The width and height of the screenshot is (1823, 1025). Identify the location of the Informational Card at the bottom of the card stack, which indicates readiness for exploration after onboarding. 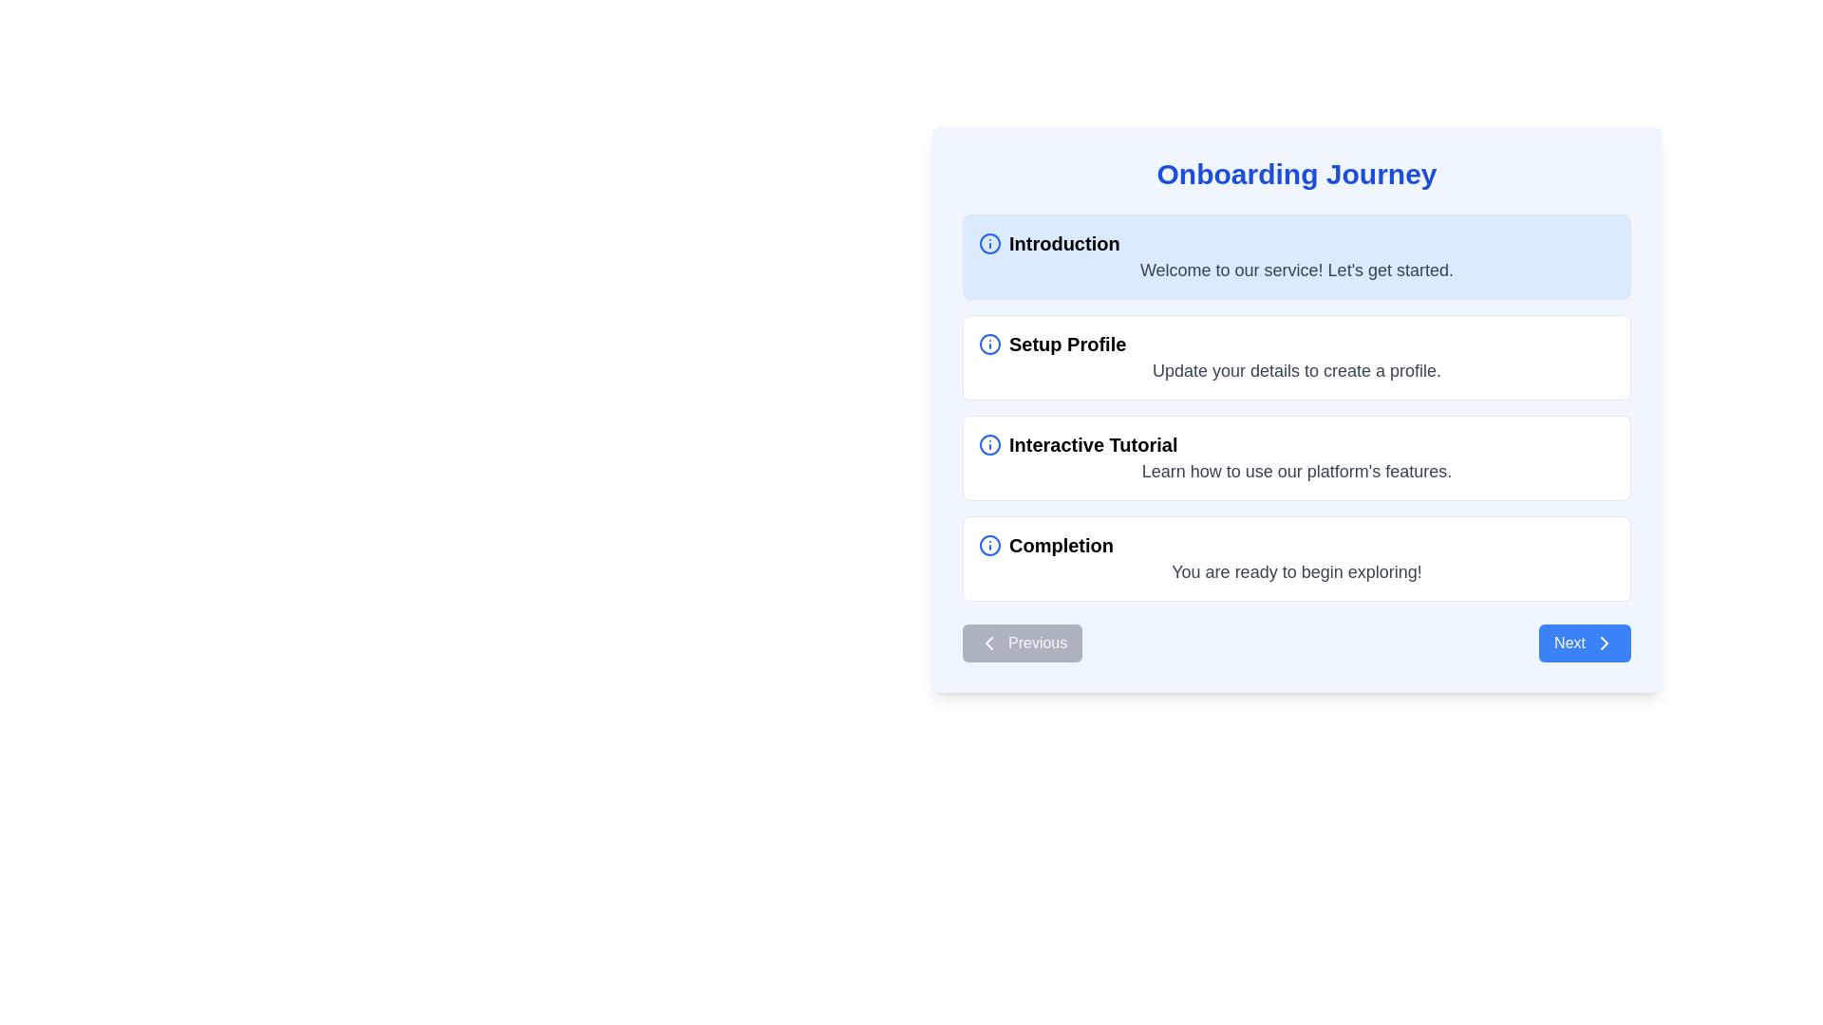
(1296, 558).